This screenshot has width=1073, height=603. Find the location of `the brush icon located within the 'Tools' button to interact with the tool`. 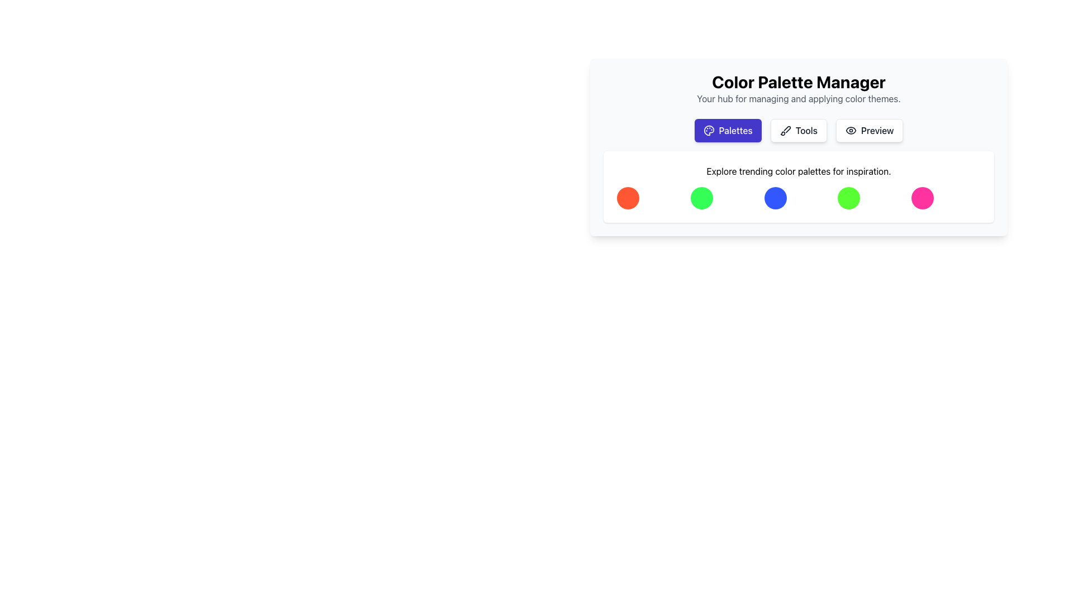

the brush icon located within the 'Tools' button to interact with the tool is located at coordinates (785, 130).